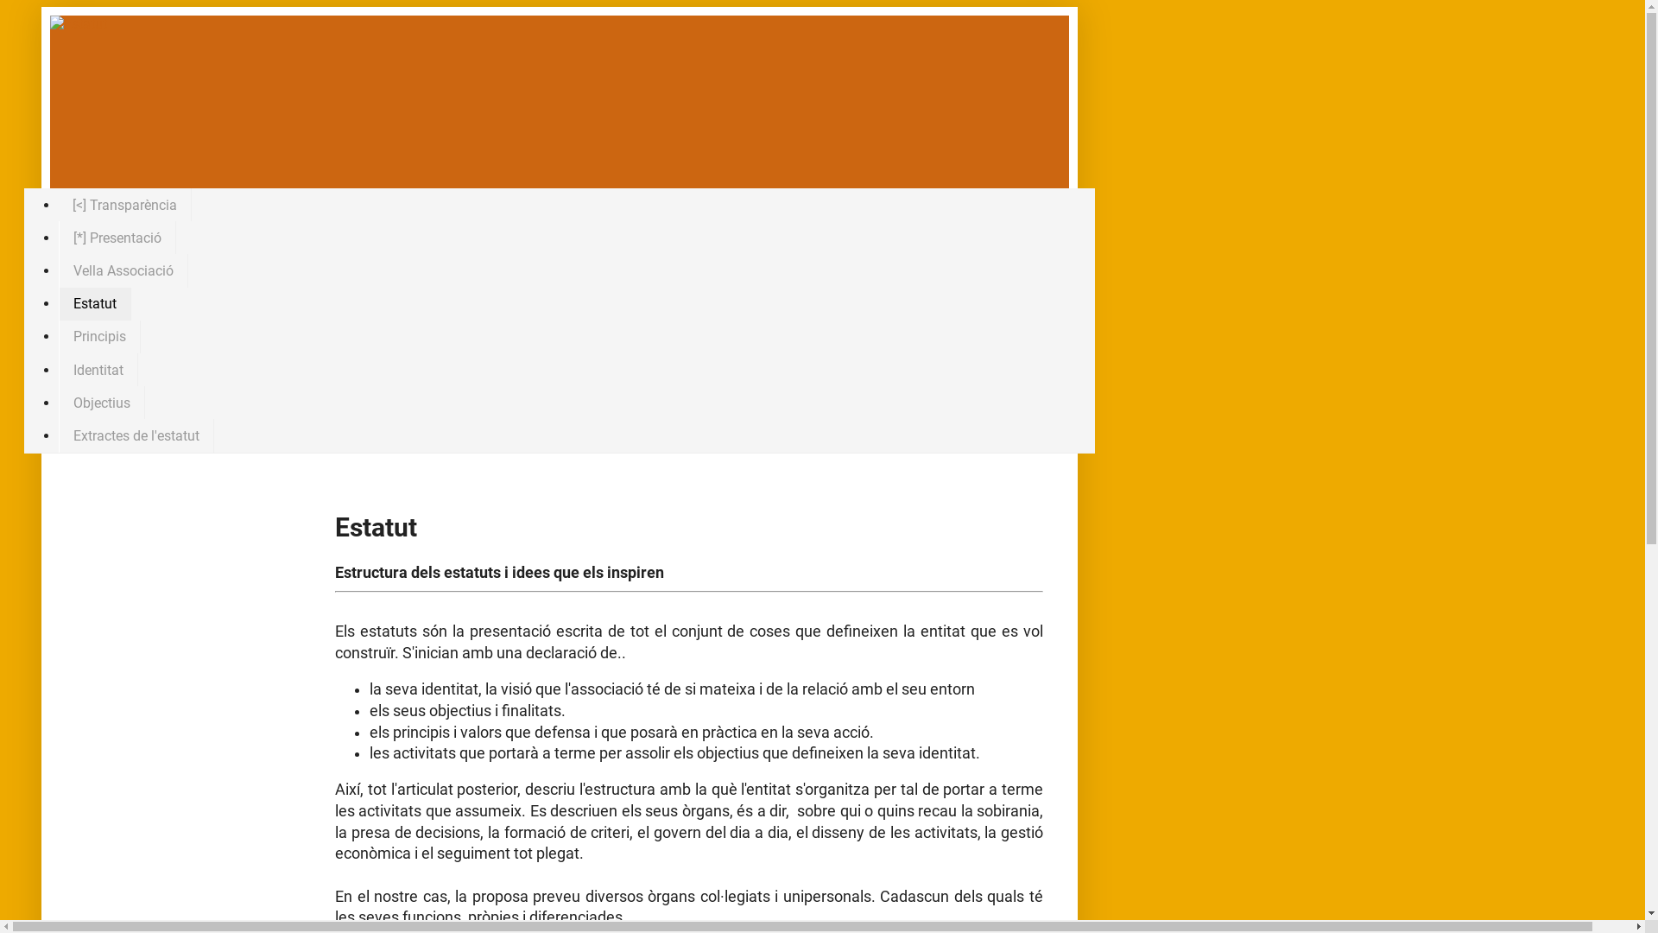  I want to click on 'Estatut', so click(94, 302).